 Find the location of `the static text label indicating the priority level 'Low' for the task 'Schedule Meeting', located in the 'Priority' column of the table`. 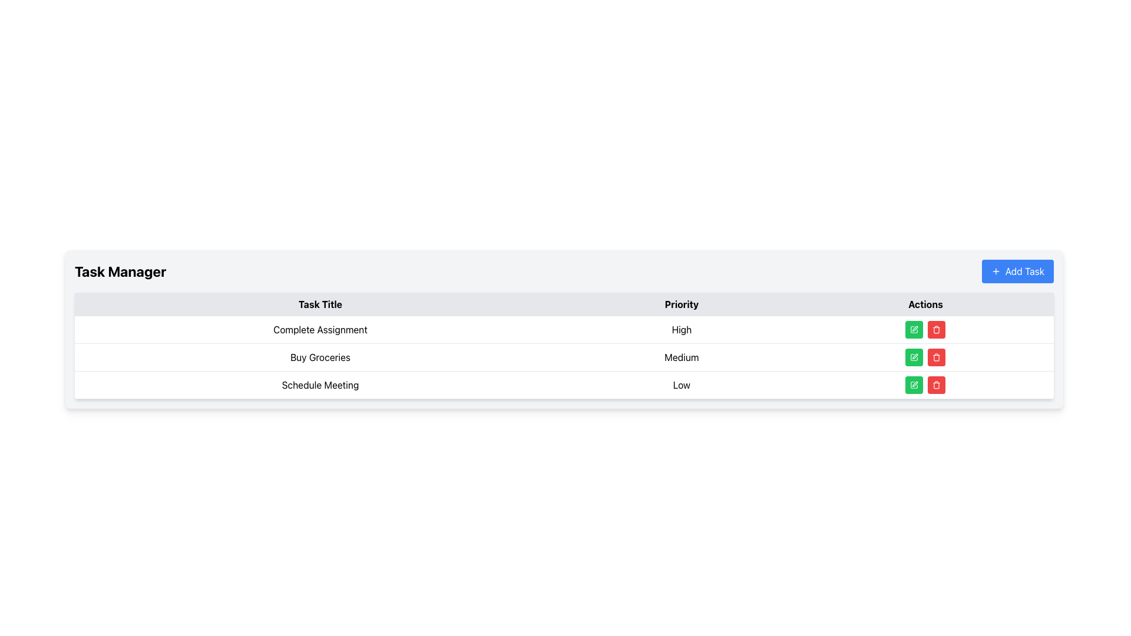

the static text label indicating the priority level 'Low' for the task 'Schedule Meeting', located in the 'Priority' column of the table is located at coordinates (682, 385).